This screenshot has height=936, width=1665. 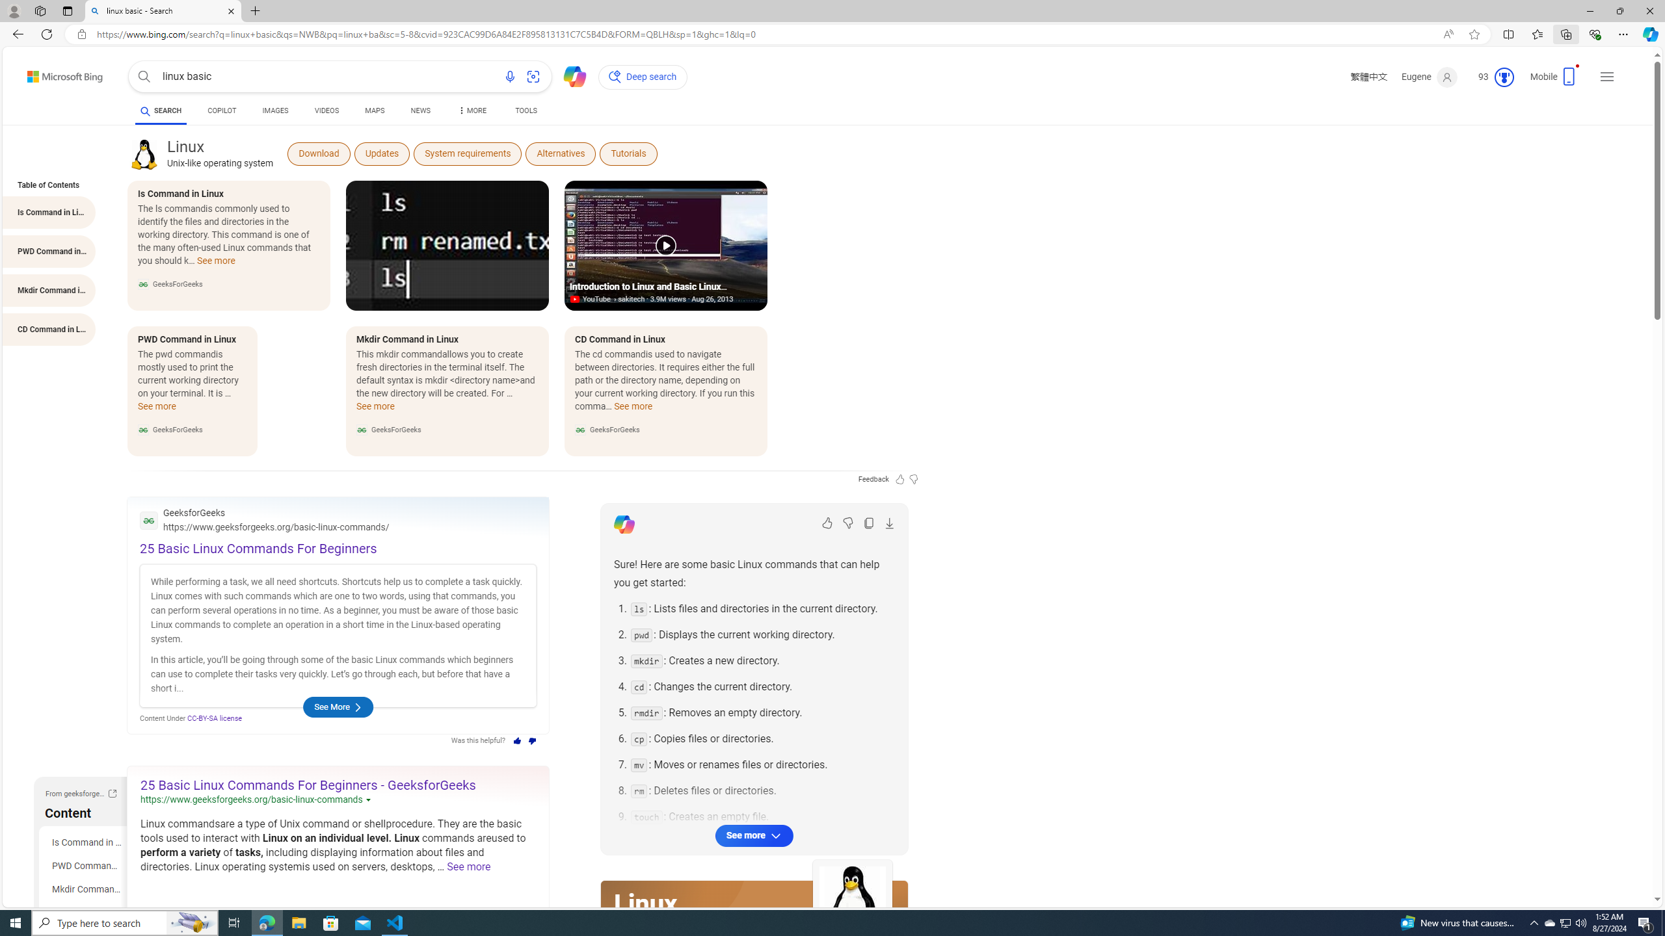 What do you see at coordinates (220, 153) in the screenshot?
I see `'Linux Unix-like operating system'` at bounding box center [220, 153].